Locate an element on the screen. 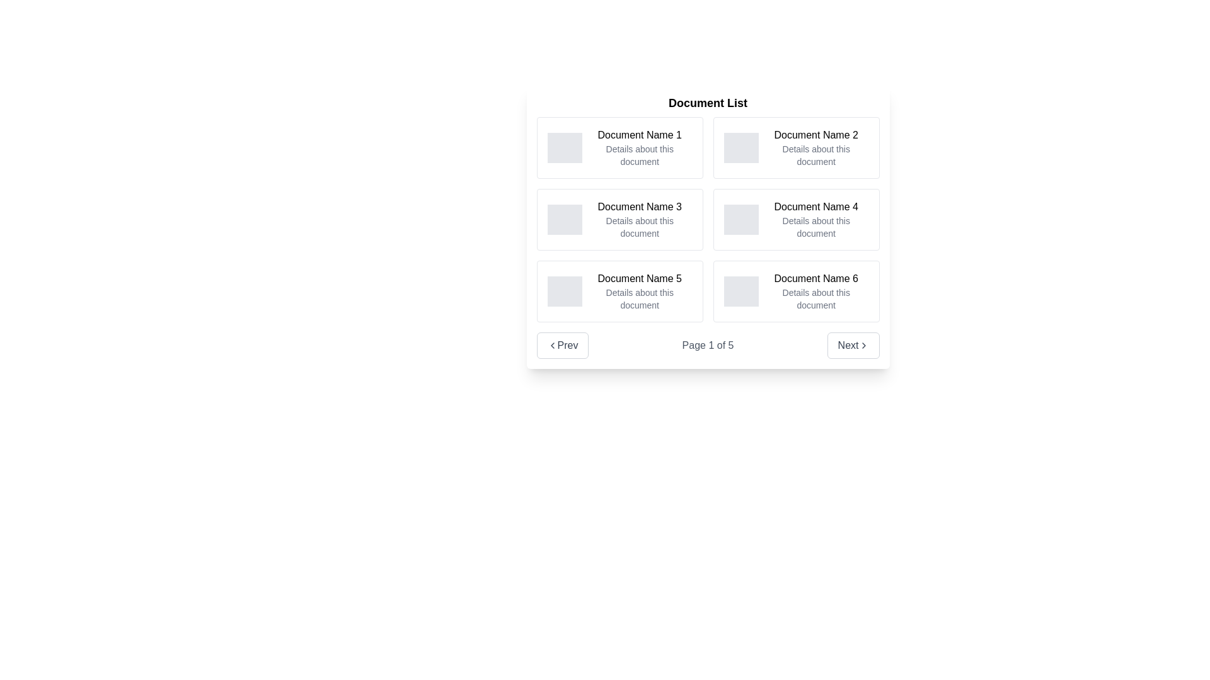  the text label displaying 'Page 1 of 5', which is located between the 'Prev' and 'Next' buttons in the pagination controls is located at coordinates (708, 345).